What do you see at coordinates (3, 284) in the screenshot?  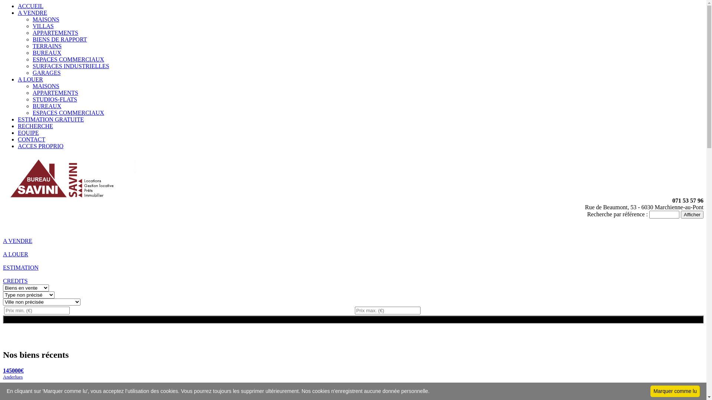 I see `'CREDITS'` at bounding box center [3, 284].